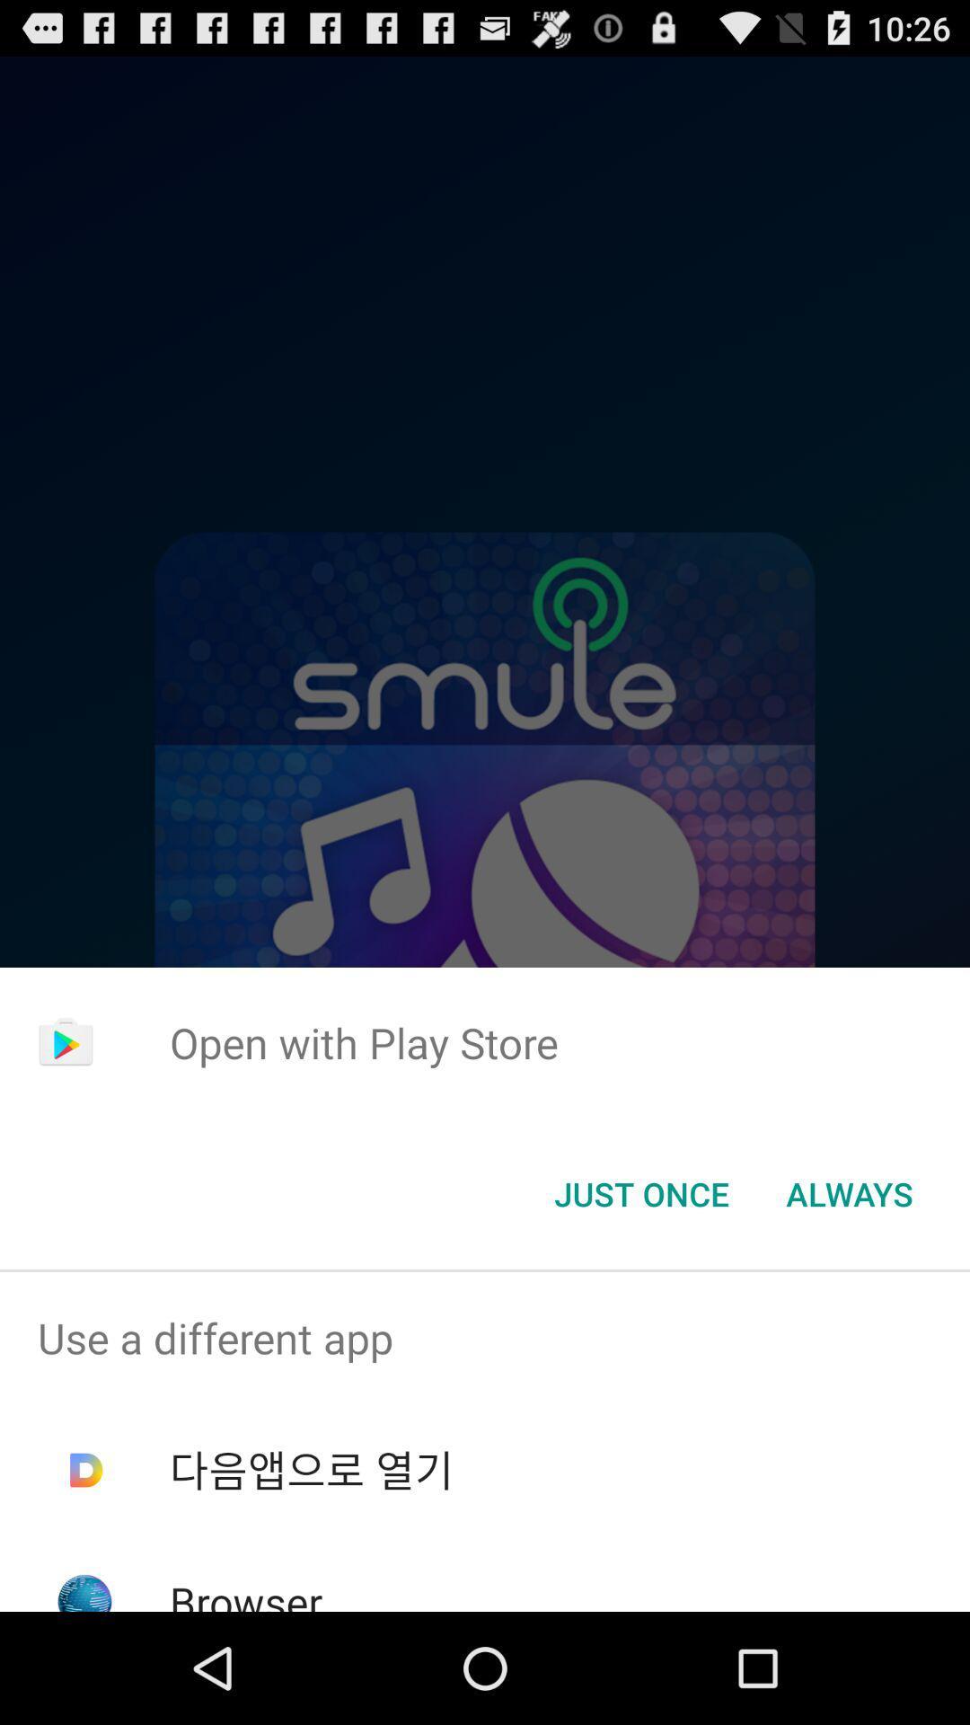  What do you see at coordinates (849, 1194) in the screenshot?
I see `icon at the bottom right corner` at bounding box center [849, 1194].